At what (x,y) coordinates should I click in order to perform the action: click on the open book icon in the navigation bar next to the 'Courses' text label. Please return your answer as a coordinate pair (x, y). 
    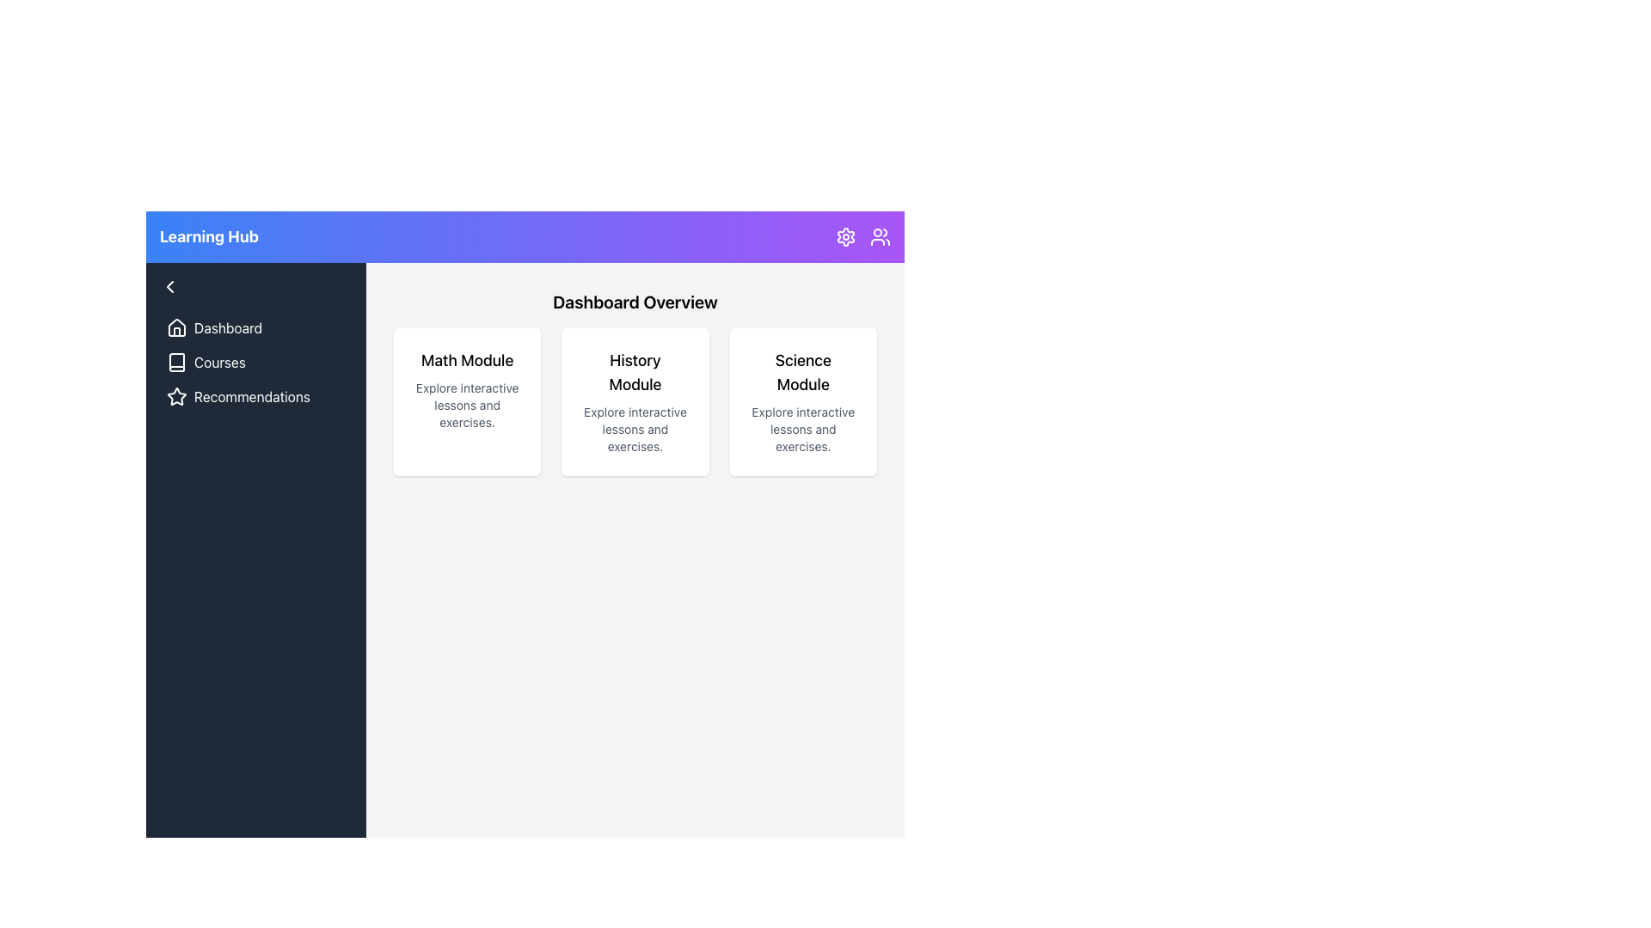
    Looking at the image, I should click on (177, 361).